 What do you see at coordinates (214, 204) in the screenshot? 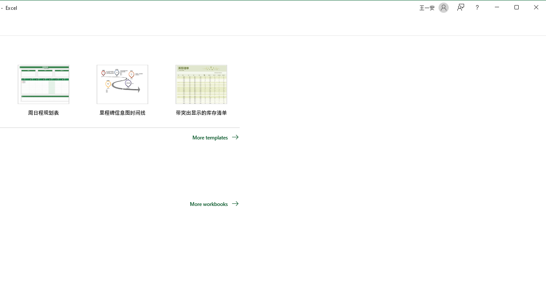
I see `'More workbooks'` at bounding box center [214, 204].